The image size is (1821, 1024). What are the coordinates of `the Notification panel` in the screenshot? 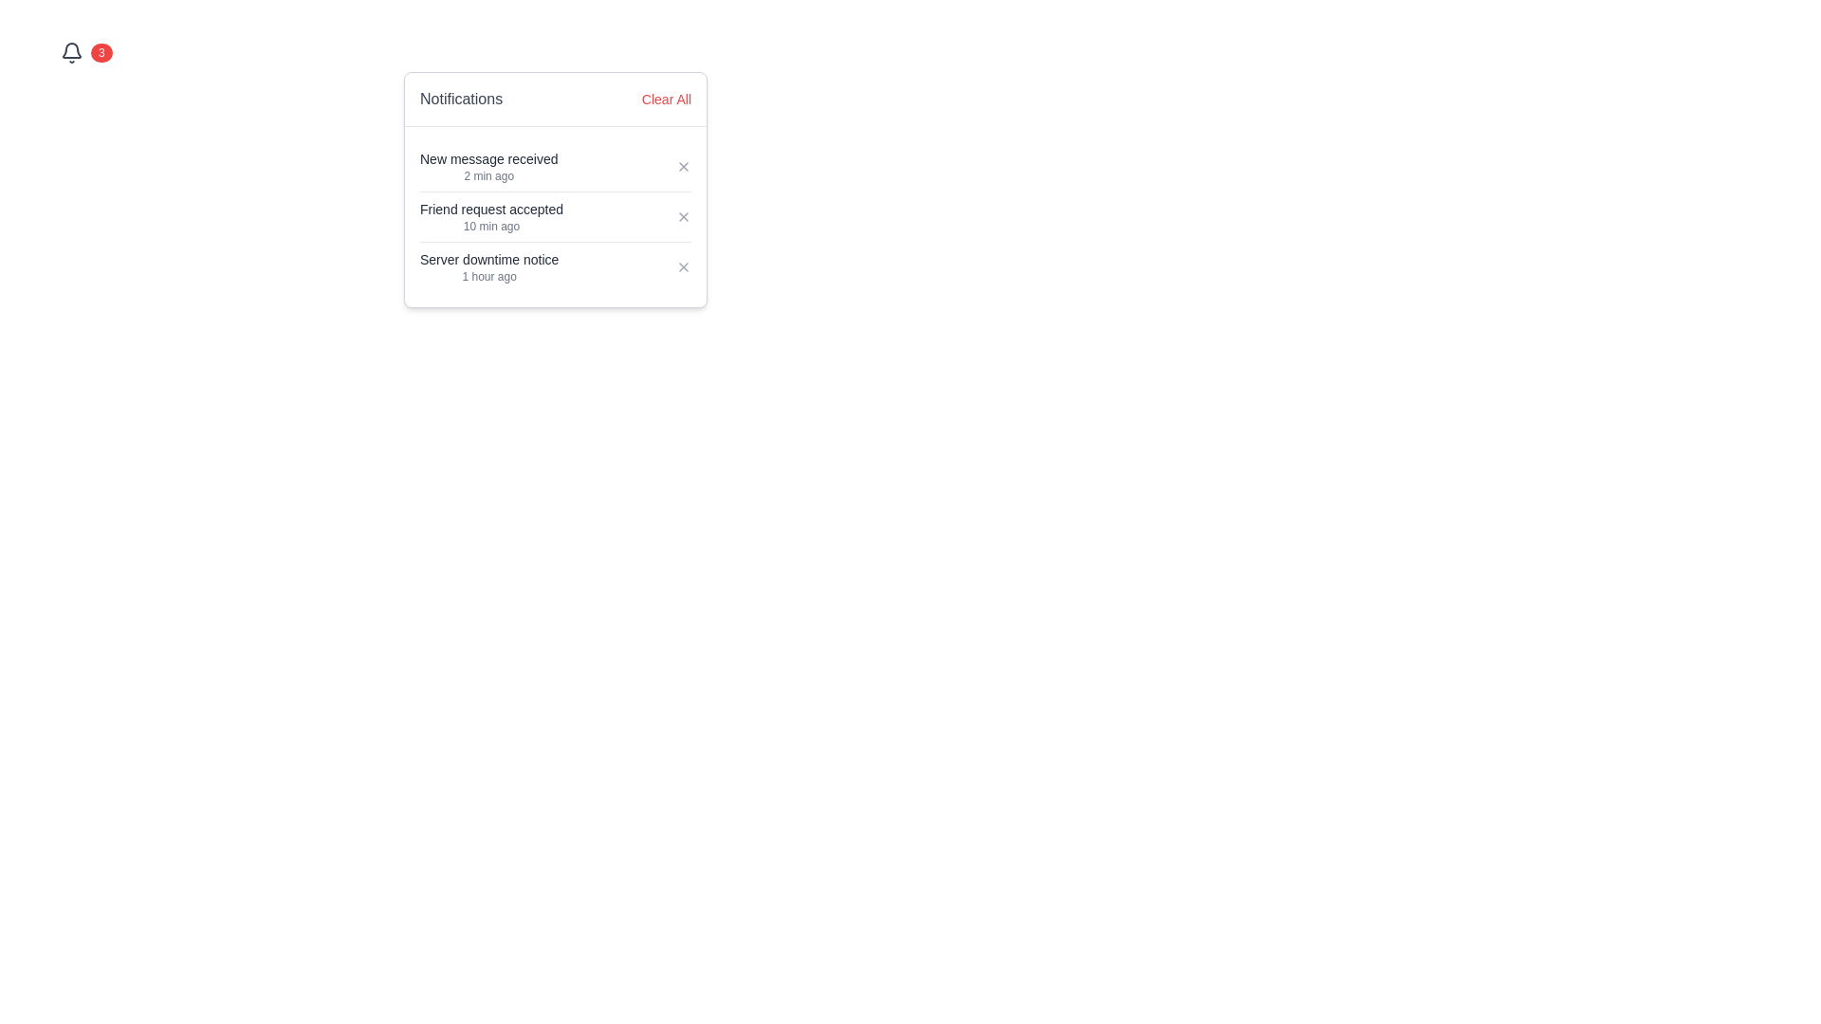 It's located at (554, 190).